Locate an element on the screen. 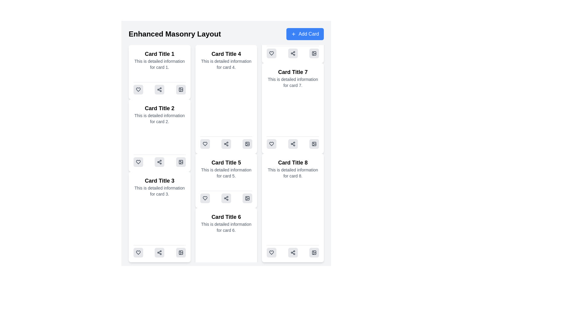 The image size is (580, 326). the text block displaying 'This is detailed information for card 3.', which is located below 'Card Title 3' in the third card of the leftmost section is located at coordinates (159, 191).